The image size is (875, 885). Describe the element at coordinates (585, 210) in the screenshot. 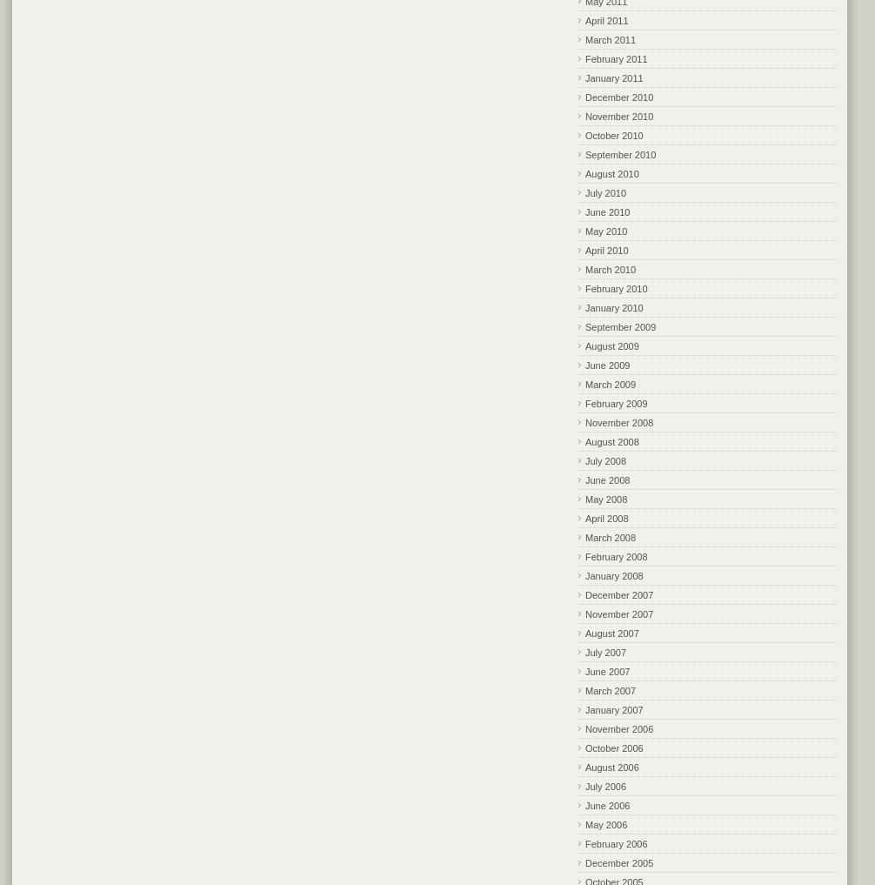

I see `'June 2010'` at that location.